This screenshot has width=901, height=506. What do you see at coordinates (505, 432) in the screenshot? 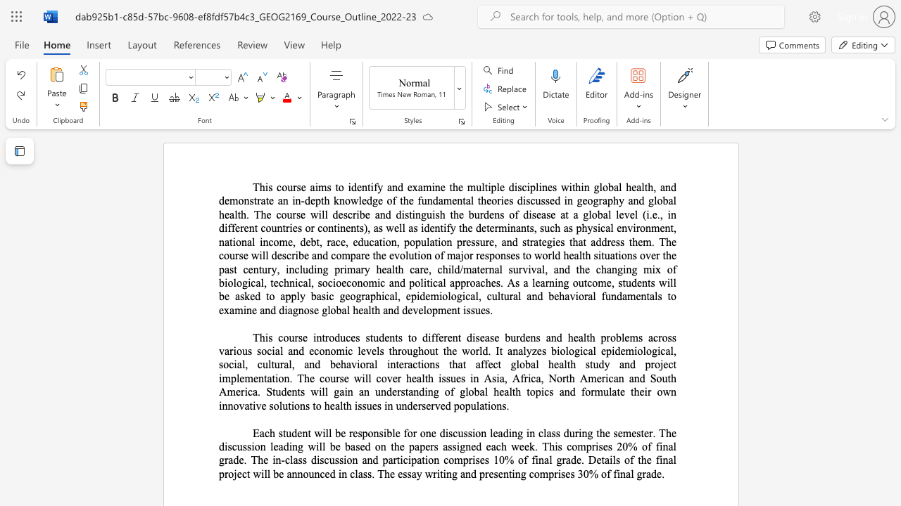
I see `the 3th character "d" in the text` at bounding box center [505, 432].